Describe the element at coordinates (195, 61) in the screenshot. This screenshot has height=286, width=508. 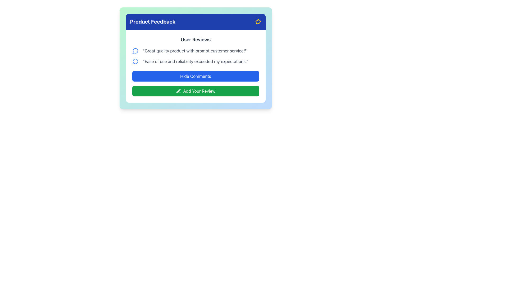
I see `the text caption stating "Ease of use and reliability exceeded my expectations." which is styled in gray (#gray-700) and located as the second line of review content in the feedback section` at that location.